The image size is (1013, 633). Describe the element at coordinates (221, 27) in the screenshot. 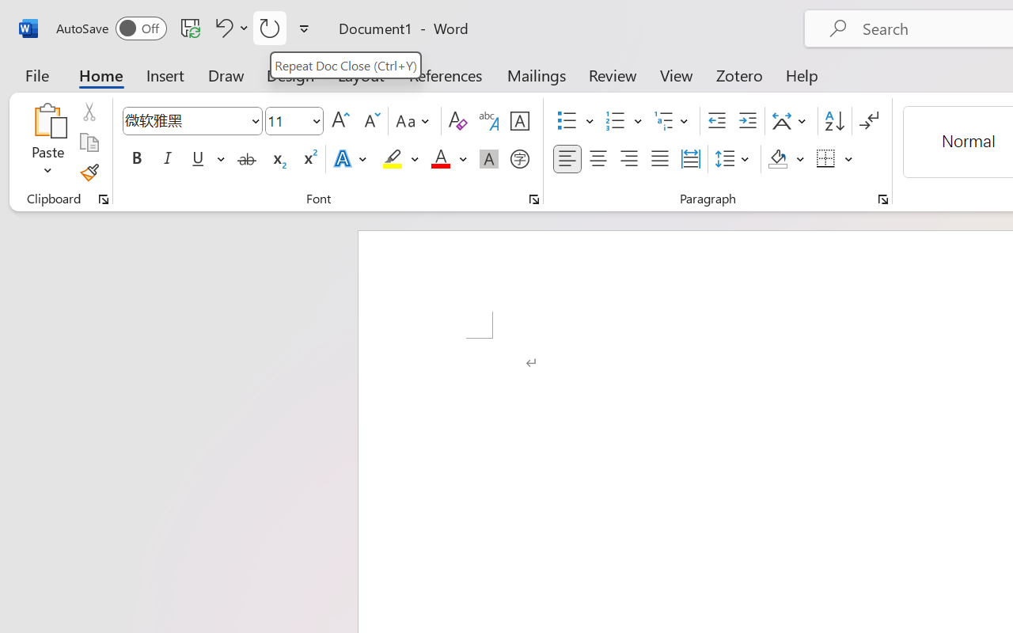

I see `'Undo <ApplyStyleToDoc>b__0'` at that location.